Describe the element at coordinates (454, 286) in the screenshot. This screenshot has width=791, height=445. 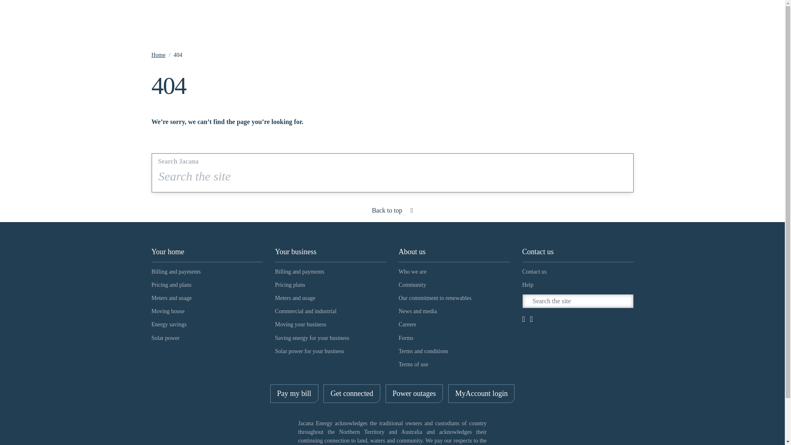
I see `'Community'` at that location.